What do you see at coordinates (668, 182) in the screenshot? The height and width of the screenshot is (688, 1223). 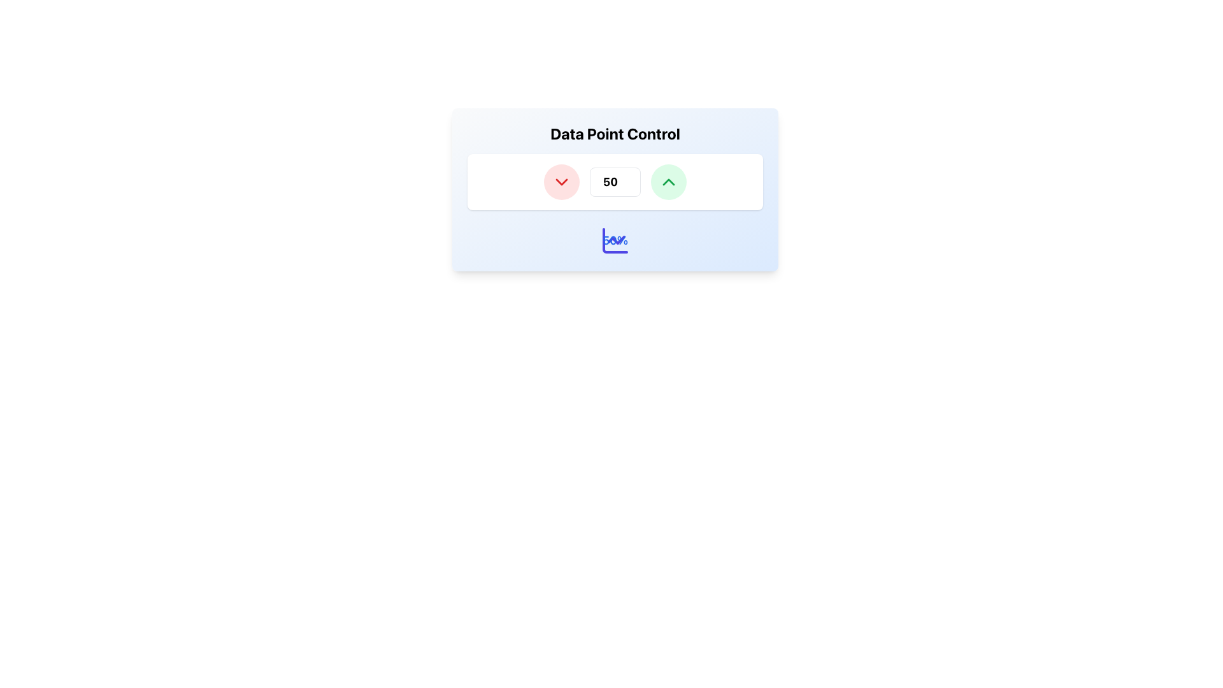 I see `the circular light green button with a green upward arrow icon to observe any interactive effects` at bounding box center [668, 182].